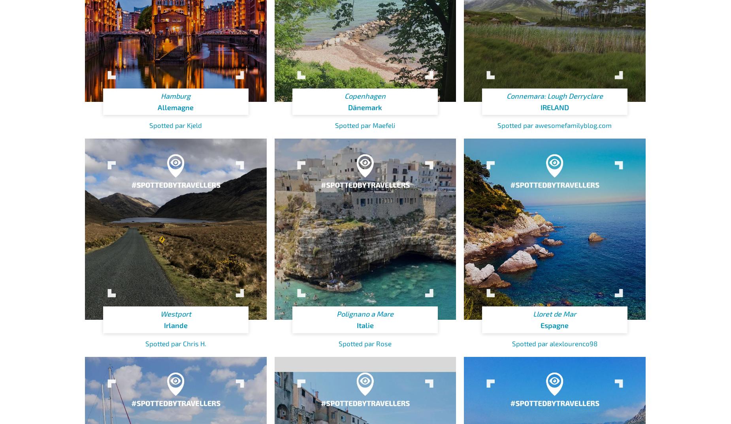 This screenshot has height=424, width=731. Describe the element at coordinates (365, 96) in the screenshot. I see `'Copenhagen'` at that location.